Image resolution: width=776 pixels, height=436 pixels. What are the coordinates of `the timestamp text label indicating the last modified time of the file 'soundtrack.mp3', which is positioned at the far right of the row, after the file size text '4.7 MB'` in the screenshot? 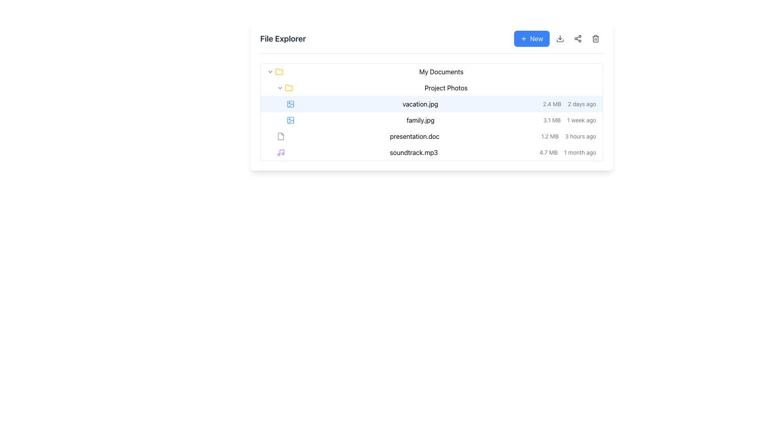 It's located at (580, 153).